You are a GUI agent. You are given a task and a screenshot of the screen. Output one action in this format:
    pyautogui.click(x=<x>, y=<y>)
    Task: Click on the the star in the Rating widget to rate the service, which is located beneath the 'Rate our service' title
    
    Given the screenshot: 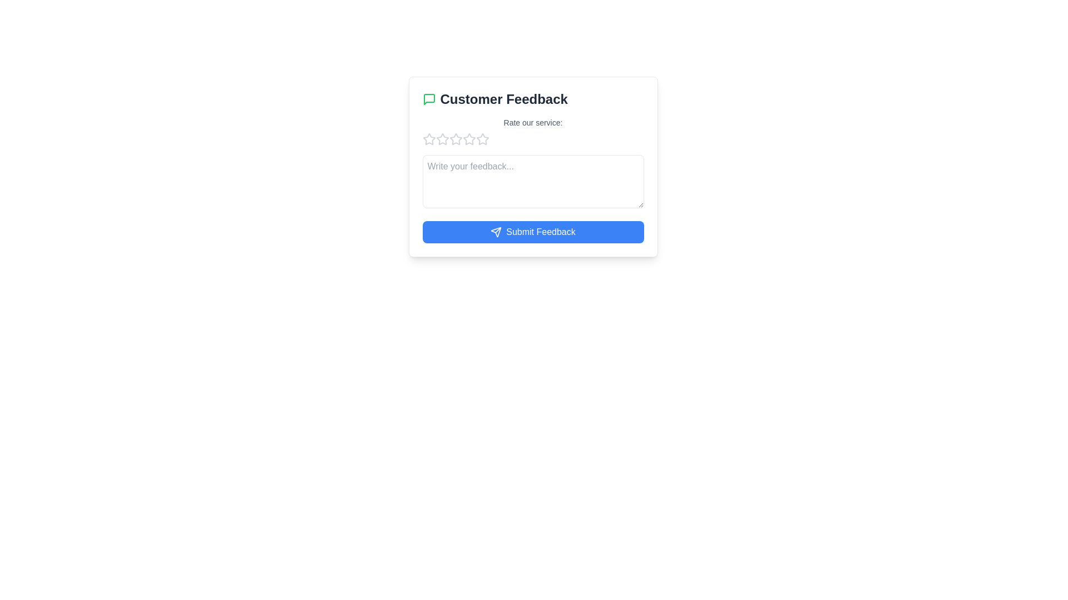 What is the action you would take?
    pyautogui.click(x=532, y=138)
    